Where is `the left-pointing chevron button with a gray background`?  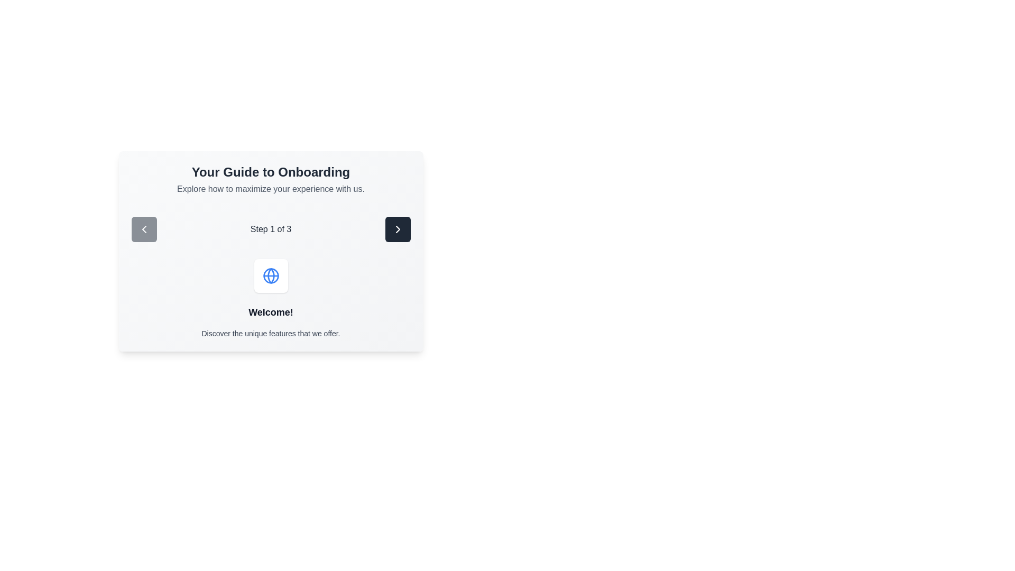 the left-pointing chevron button with a gray background is located at coordinates (143, 229).